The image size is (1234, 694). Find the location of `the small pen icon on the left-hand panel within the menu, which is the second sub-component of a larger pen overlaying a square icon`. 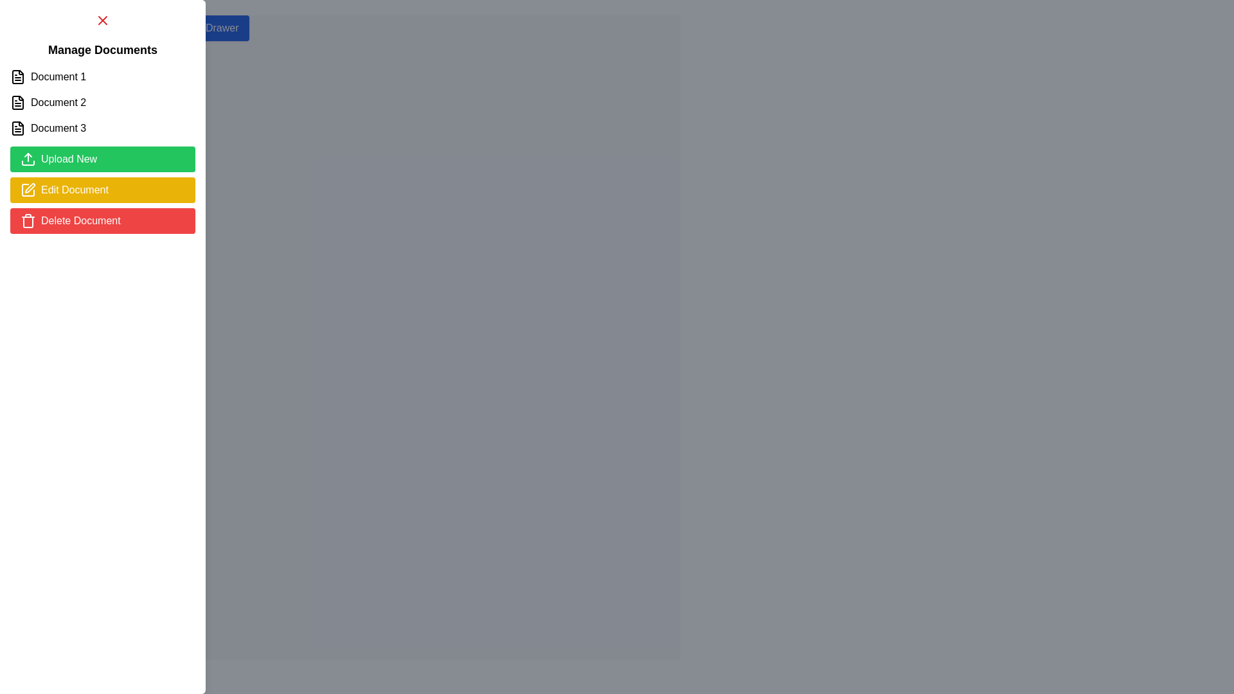

the small pen icon on the left-hand panel within the menu, which is the second sub-component of a larger pen overlaying a square icon is located at coordinates (30, 188).